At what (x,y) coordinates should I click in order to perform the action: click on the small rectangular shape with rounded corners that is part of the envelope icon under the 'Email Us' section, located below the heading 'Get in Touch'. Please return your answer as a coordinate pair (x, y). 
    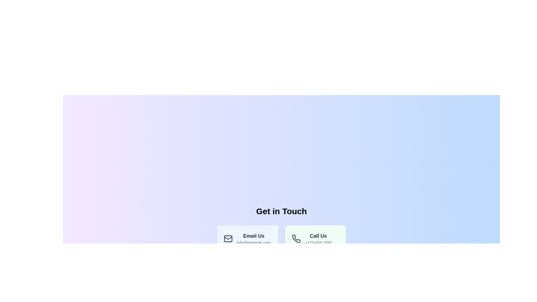
    Looking at the image, I should click on (228, 239).